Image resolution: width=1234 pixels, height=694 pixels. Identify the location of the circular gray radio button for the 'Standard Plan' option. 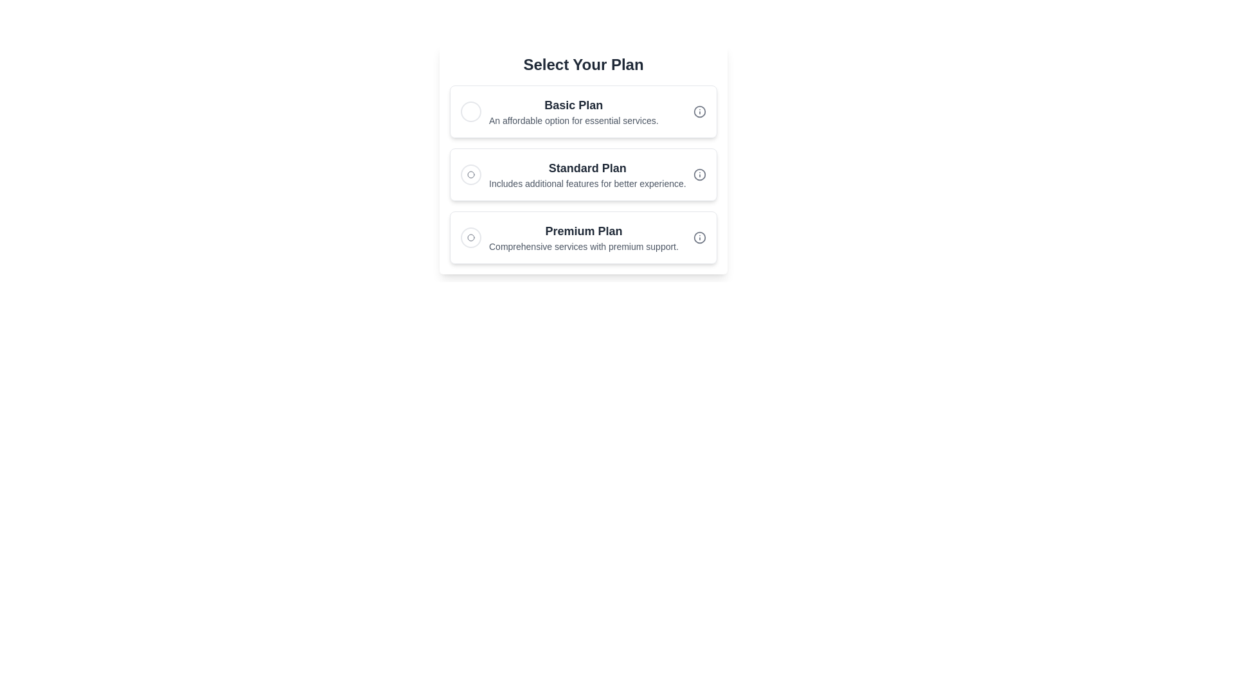
(470, 175).